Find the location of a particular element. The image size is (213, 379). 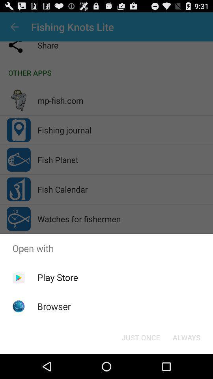

just once item is located at coordinates (140, 337).